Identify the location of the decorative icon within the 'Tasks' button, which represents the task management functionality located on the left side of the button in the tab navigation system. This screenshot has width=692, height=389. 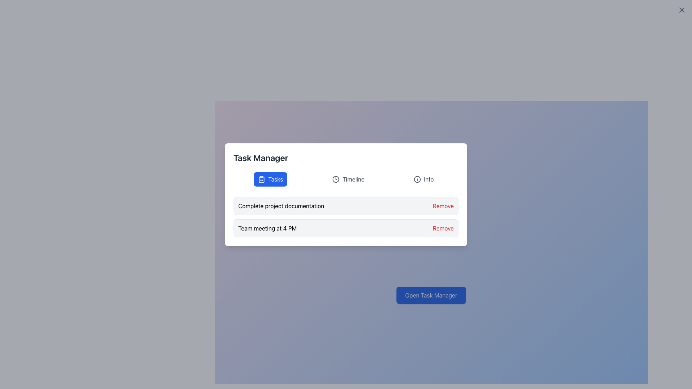
(261, 179).